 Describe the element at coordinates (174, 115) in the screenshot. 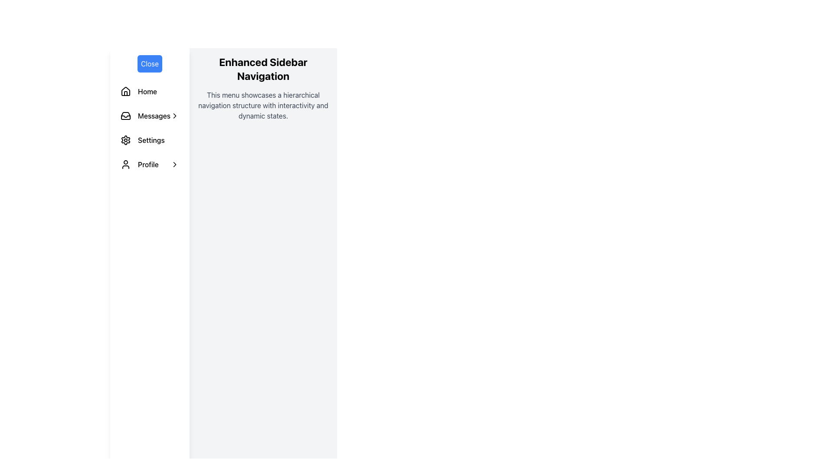

I see `the 'Messages' icon located on the far-right side of the 'Messages' navigation item in the sidebar` at that location.